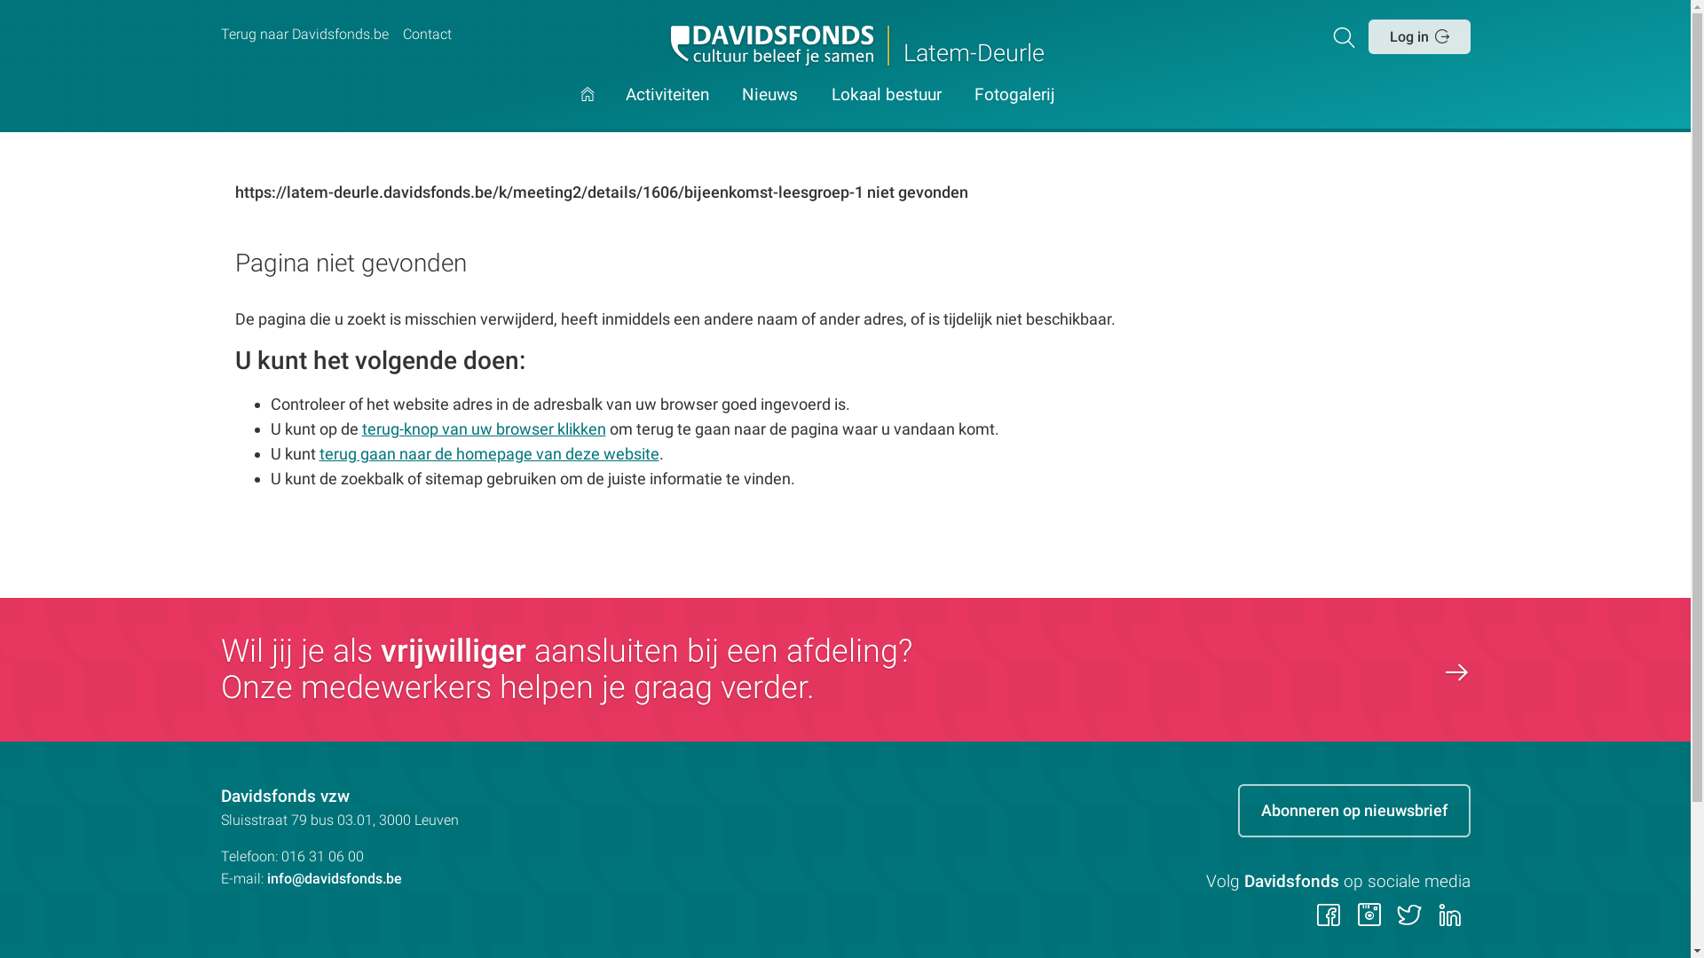  Describe the element at coordinates (1367, 36) in the screenshot. I see `'Log in'` at that location.